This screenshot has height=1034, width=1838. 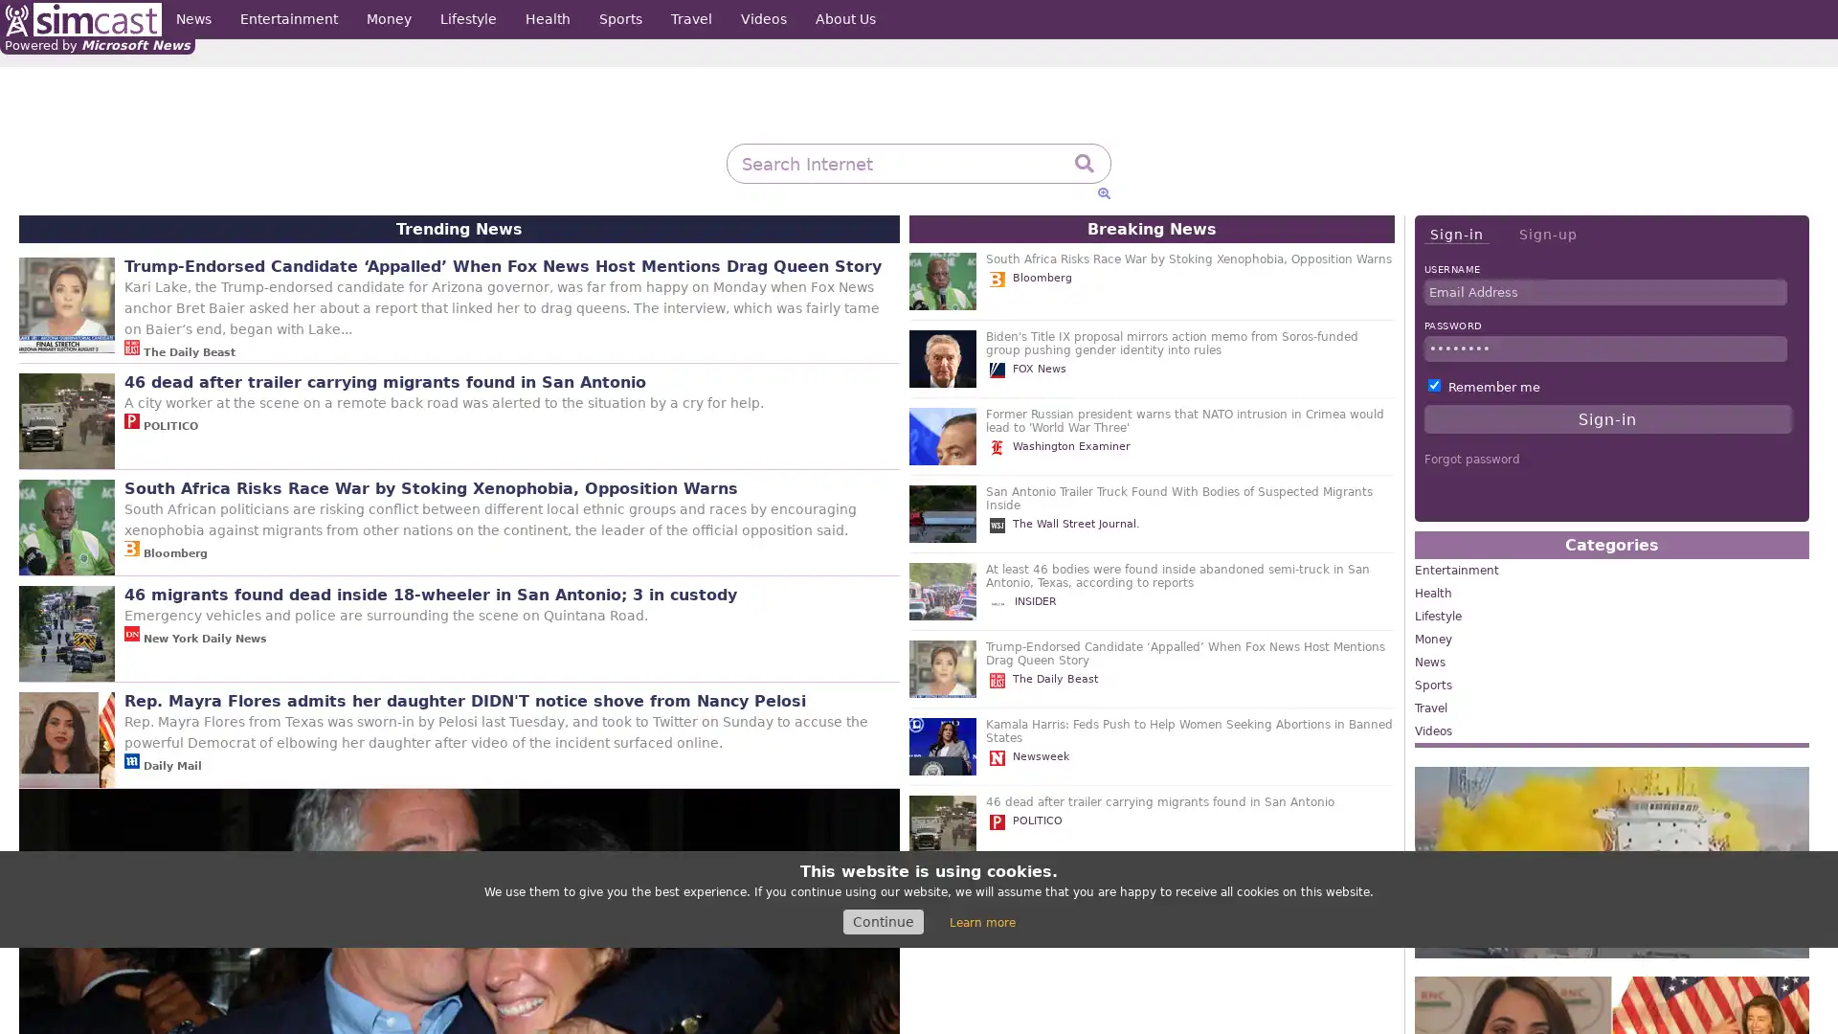 I want to click on Sign-in, so click(x=1455, y=234).